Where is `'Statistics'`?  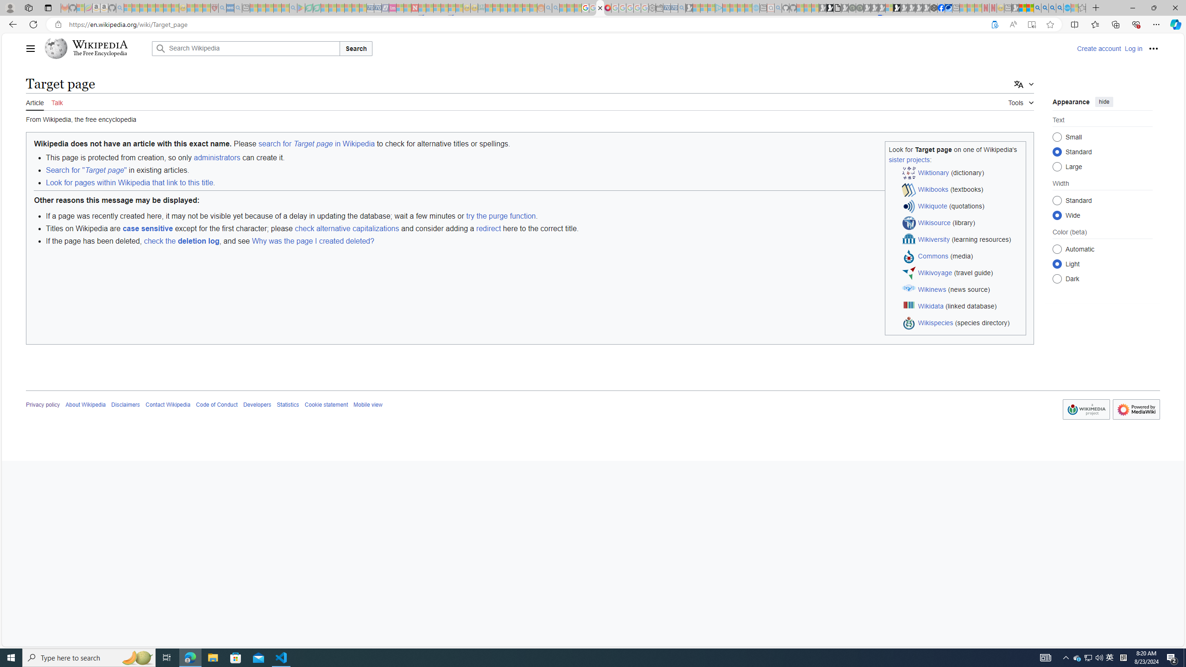
'Statistics' is located at coordinates (287, 404).